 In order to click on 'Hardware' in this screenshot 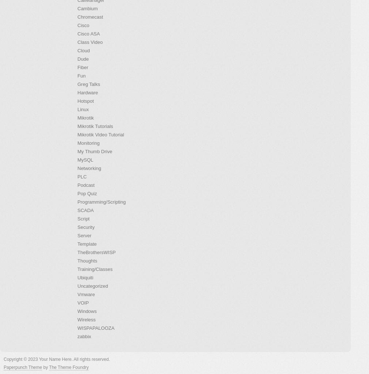, I will do `click(87, 92)`.